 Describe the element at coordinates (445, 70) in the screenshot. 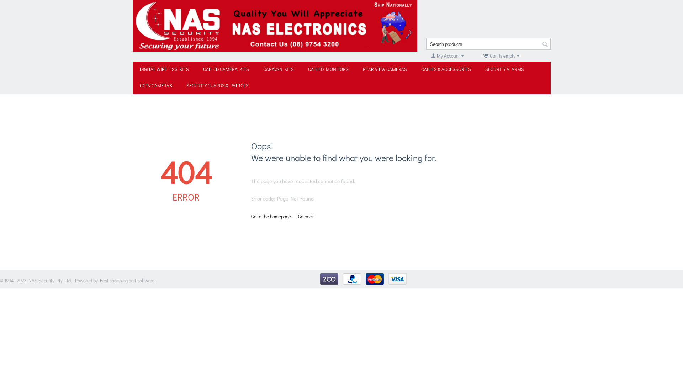

I see `'CABLES & ACCESSORIES'` at that location.